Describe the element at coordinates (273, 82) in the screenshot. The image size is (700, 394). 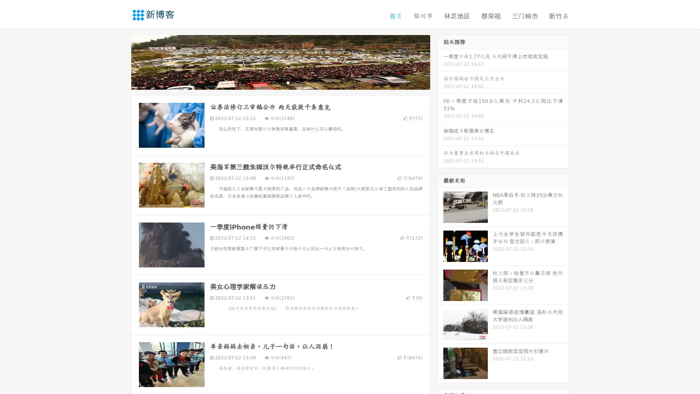
I see `Go to slide 1` at that location.